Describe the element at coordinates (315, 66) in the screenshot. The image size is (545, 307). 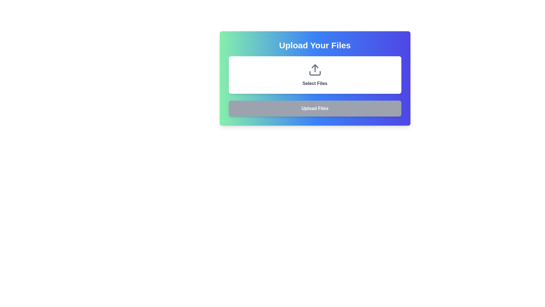
I see `the upload icon graphical component located at the top-center of the 'Upload Your Files' card interface` at that location.